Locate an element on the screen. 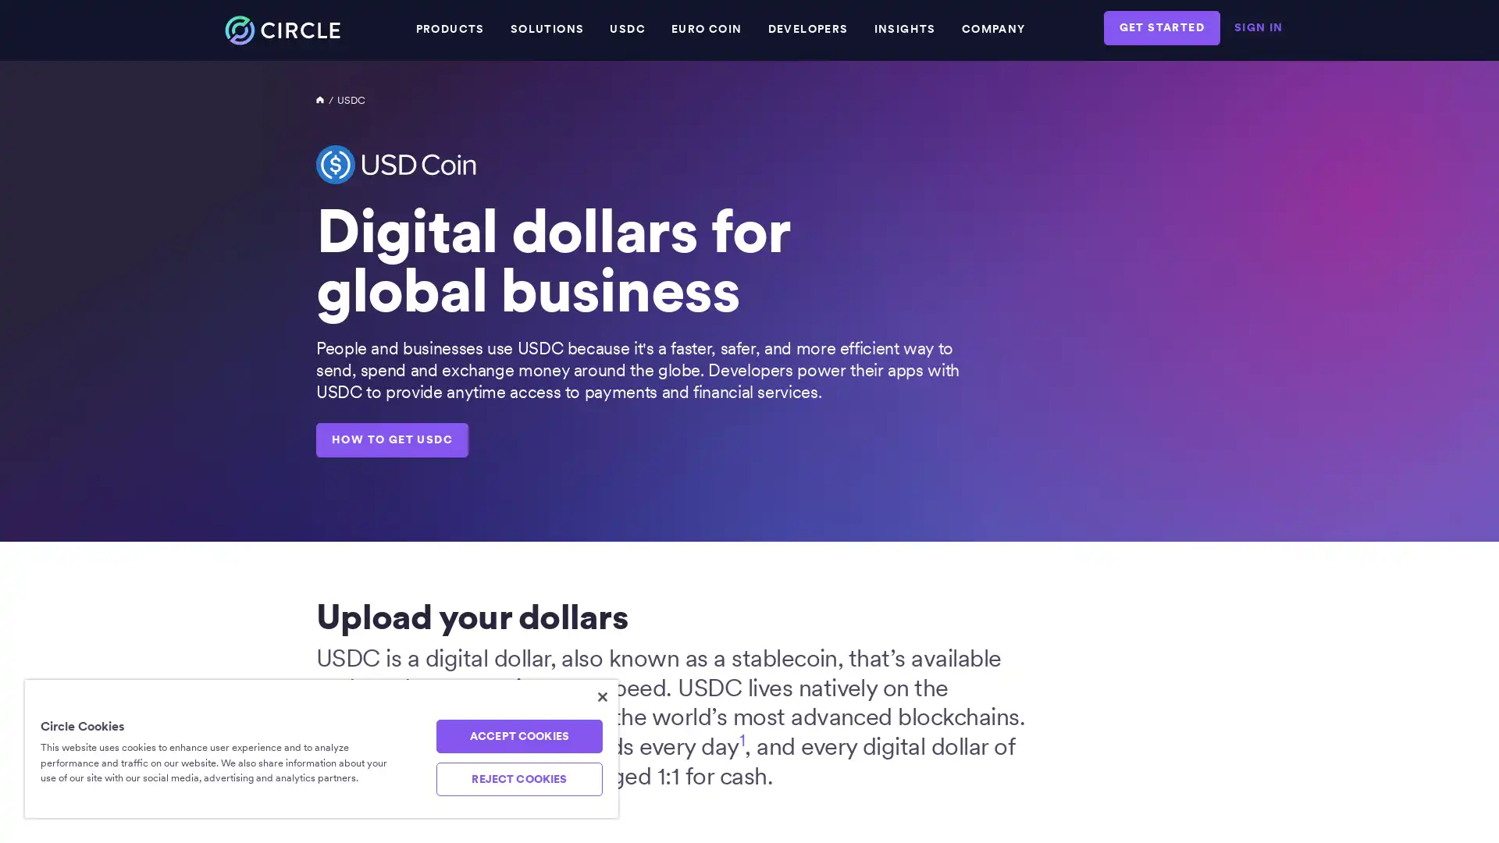  ACCEPT COOKIES is located at coordinates (518, 736).